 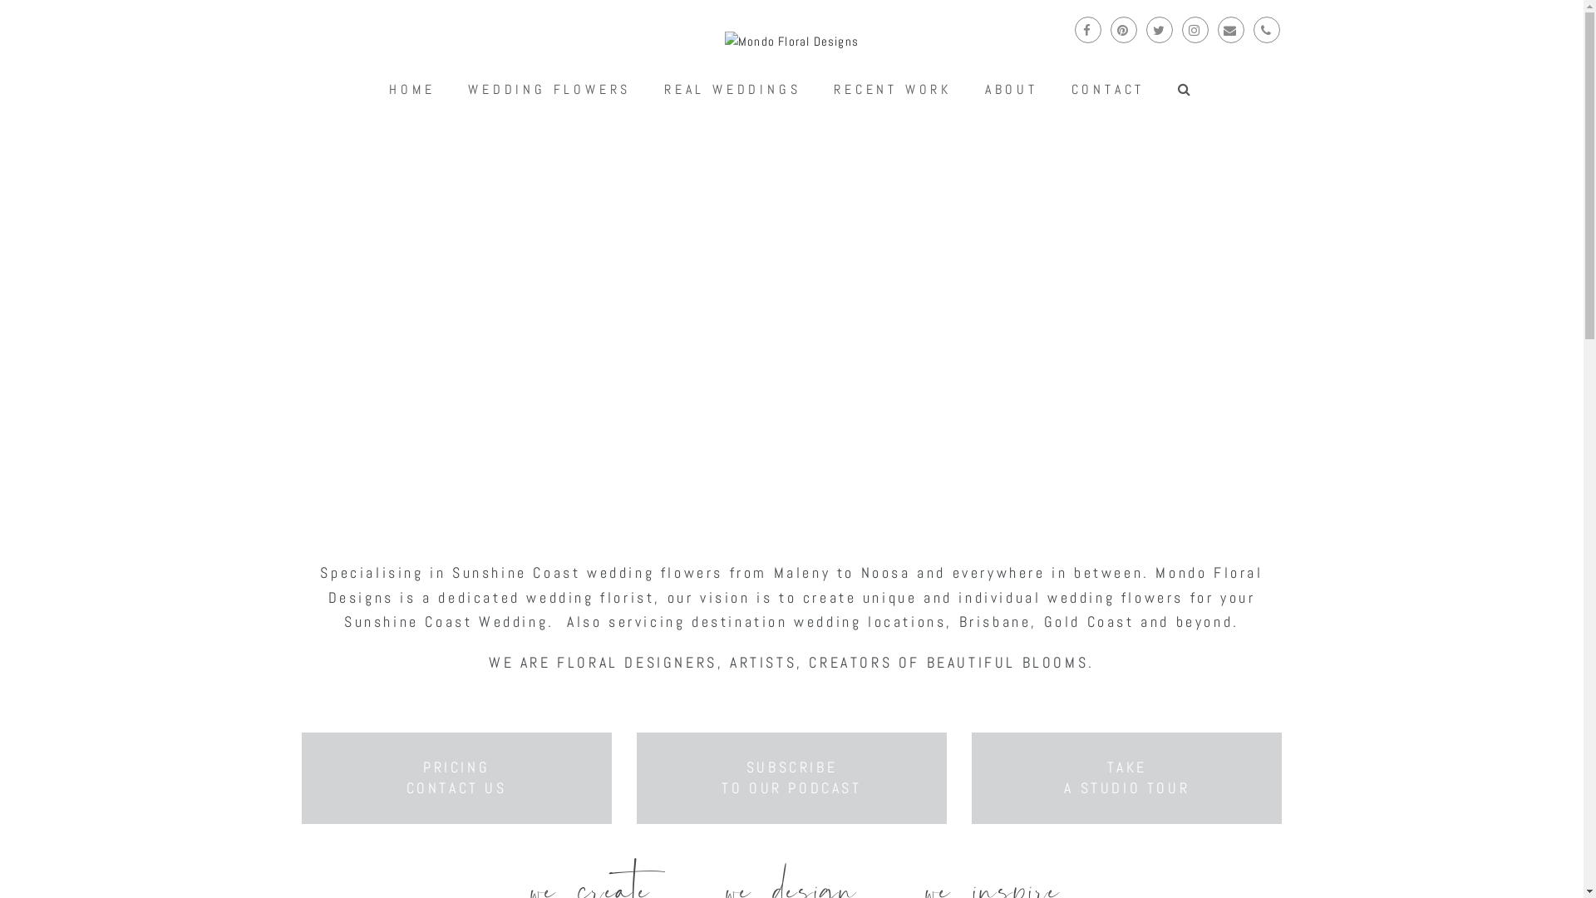 I want to click on 'ABOUT', so click(x=969, y=90).